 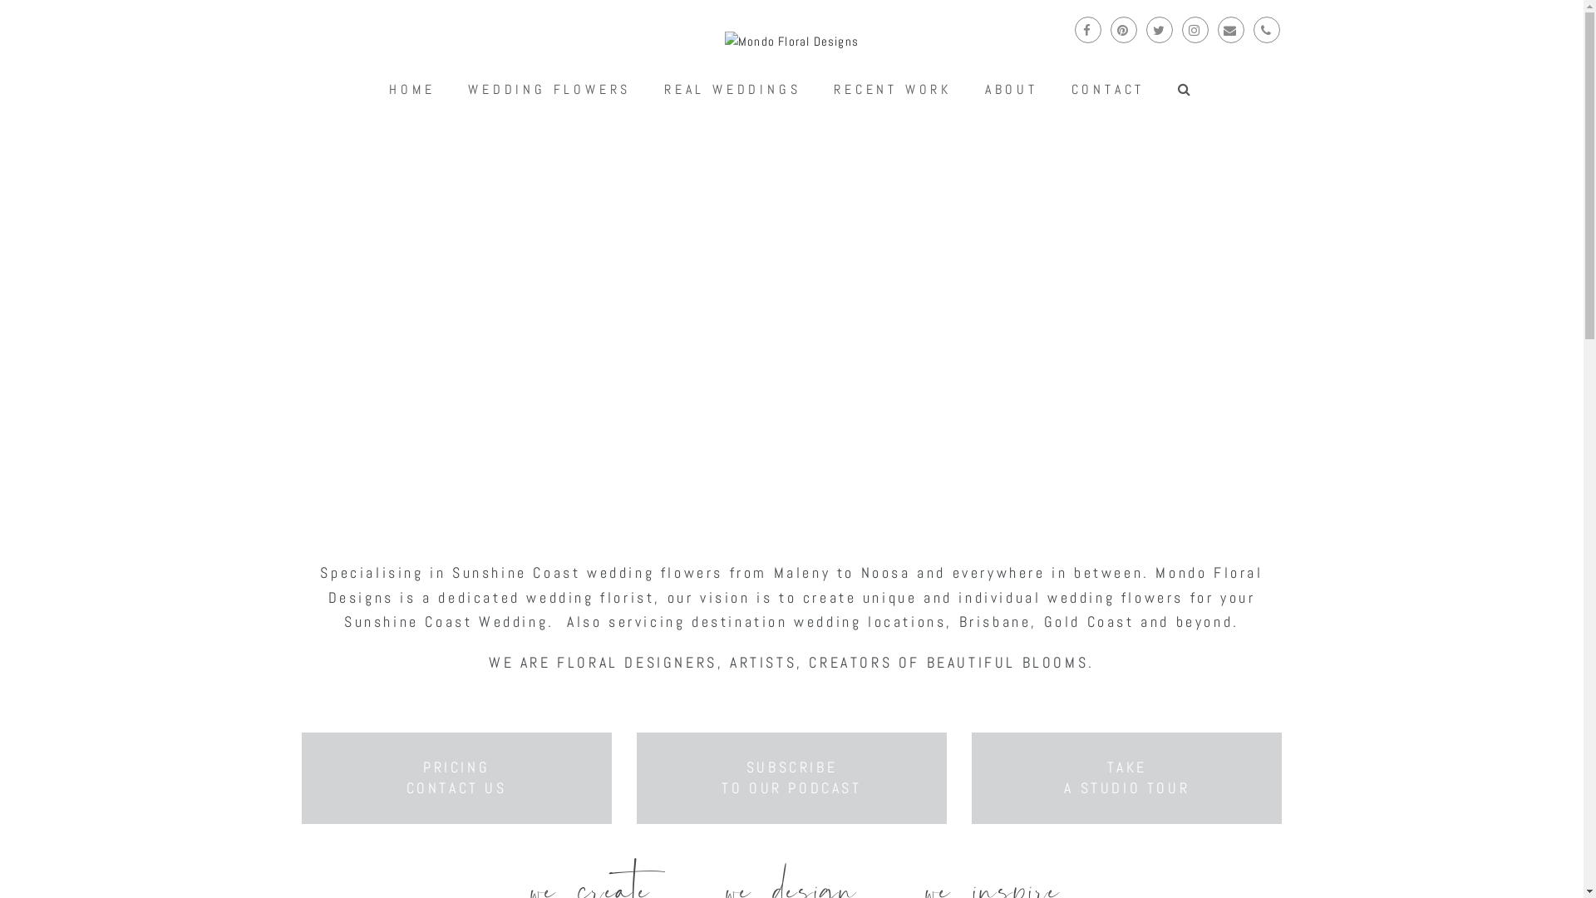 I want to click on 'ABOUT', so click(x=969, y=90).